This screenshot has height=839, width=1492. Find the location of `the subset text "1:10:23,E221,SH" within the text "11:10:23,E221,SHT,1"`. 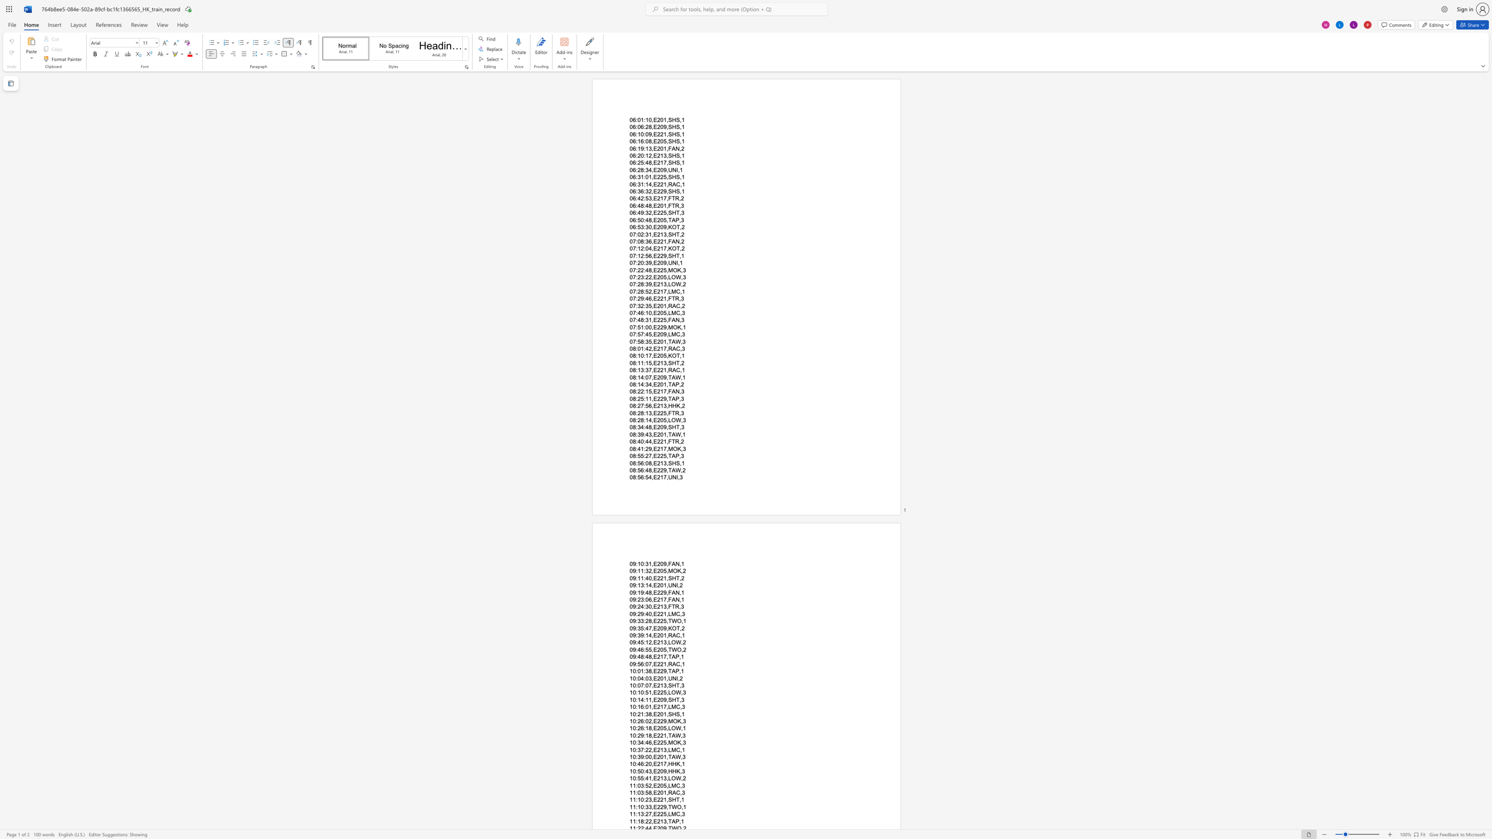

the subset text "1:10:23,E221,SH" within the text "11:10:23,E221,SHT,1" is located at coordinates (632, 800).